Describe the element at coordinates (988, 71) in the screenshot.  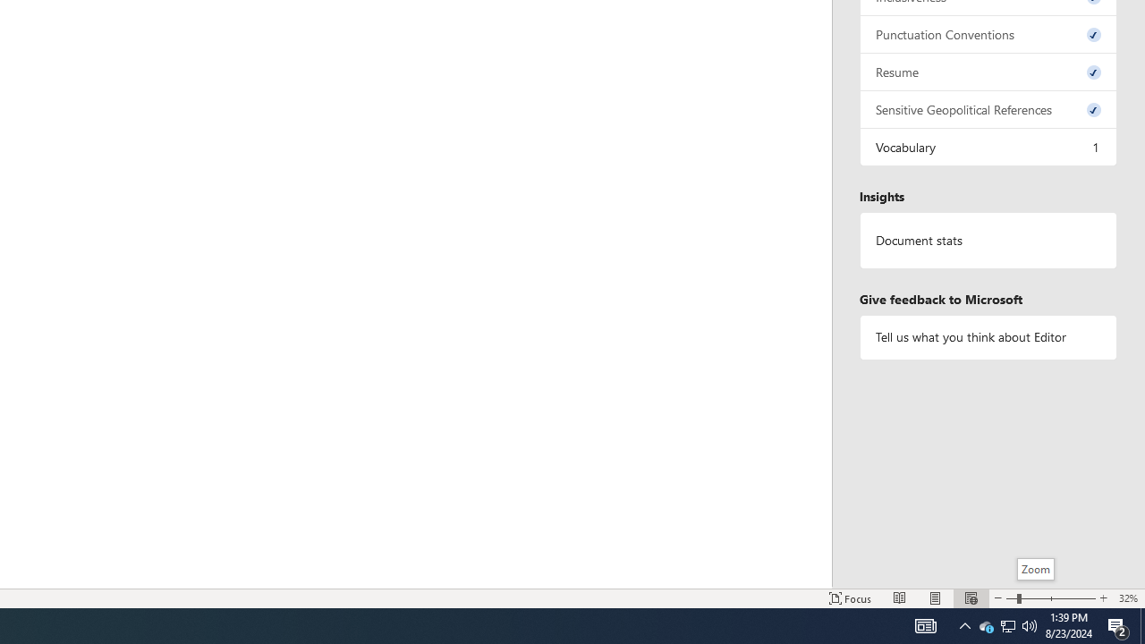
I see `'Resume, 0 issues. Press space or enter to review items.'` at that location.